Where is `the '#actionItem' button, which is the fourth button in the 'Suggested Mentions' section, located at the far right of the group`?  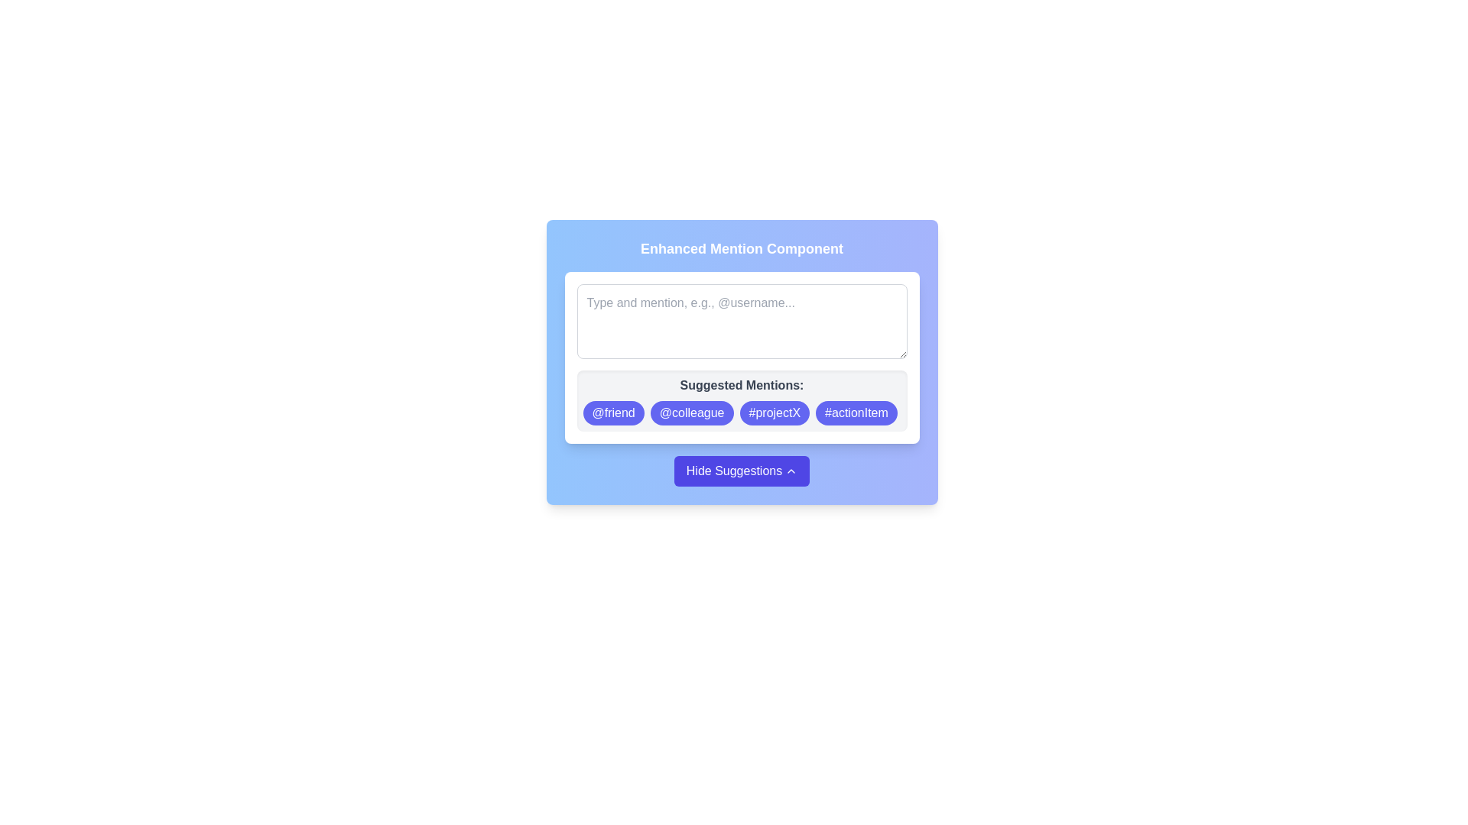
the '#actionItem' button, which is the fourth button in the 'Suggested Mentions' section, located at the far right of the group is located at coordinates (856, 412).